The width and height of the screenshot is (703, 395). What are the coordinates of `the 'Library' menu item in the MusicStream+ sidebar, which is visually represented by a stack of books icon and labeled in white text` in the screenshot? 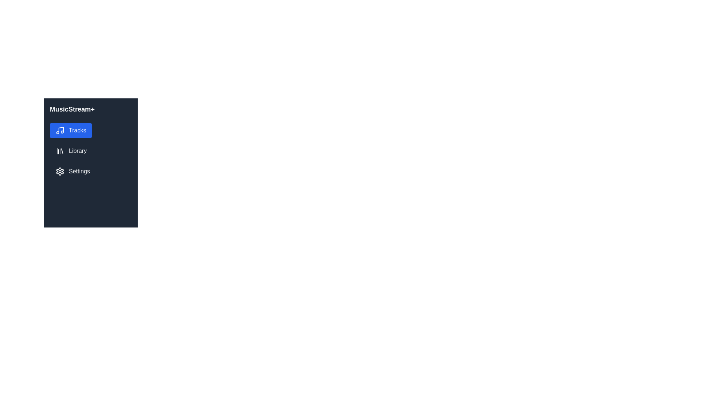 It's located at (71, 150).